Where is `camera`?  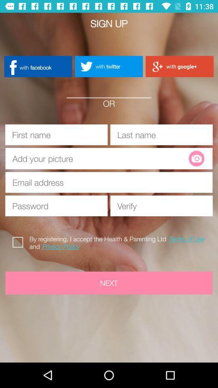
camera is located at coordinates (196, 158).